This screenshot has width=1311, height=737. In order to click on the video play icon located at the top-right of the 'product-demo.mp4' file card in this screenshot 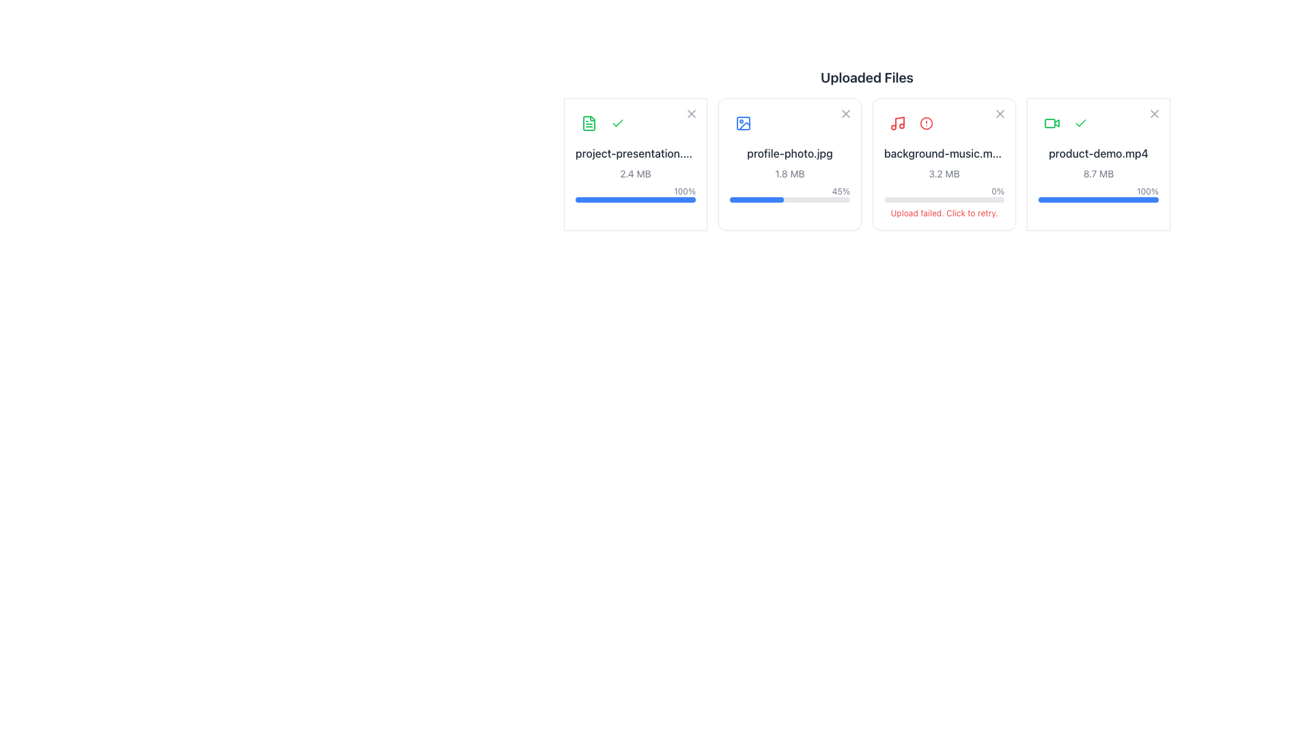, I will do `click(1056, 123)`.